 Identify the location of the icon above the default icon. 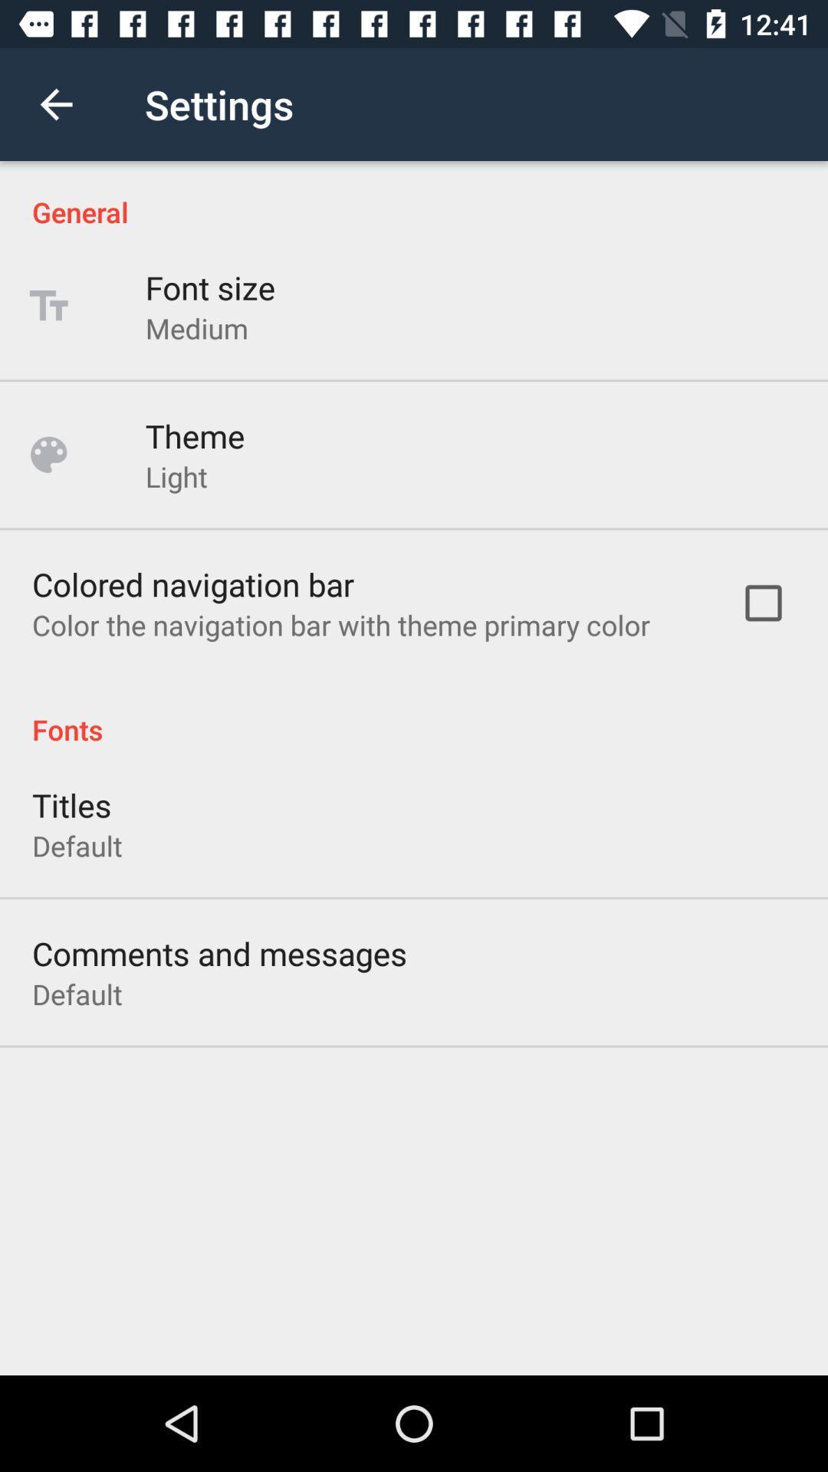
(219, 952).